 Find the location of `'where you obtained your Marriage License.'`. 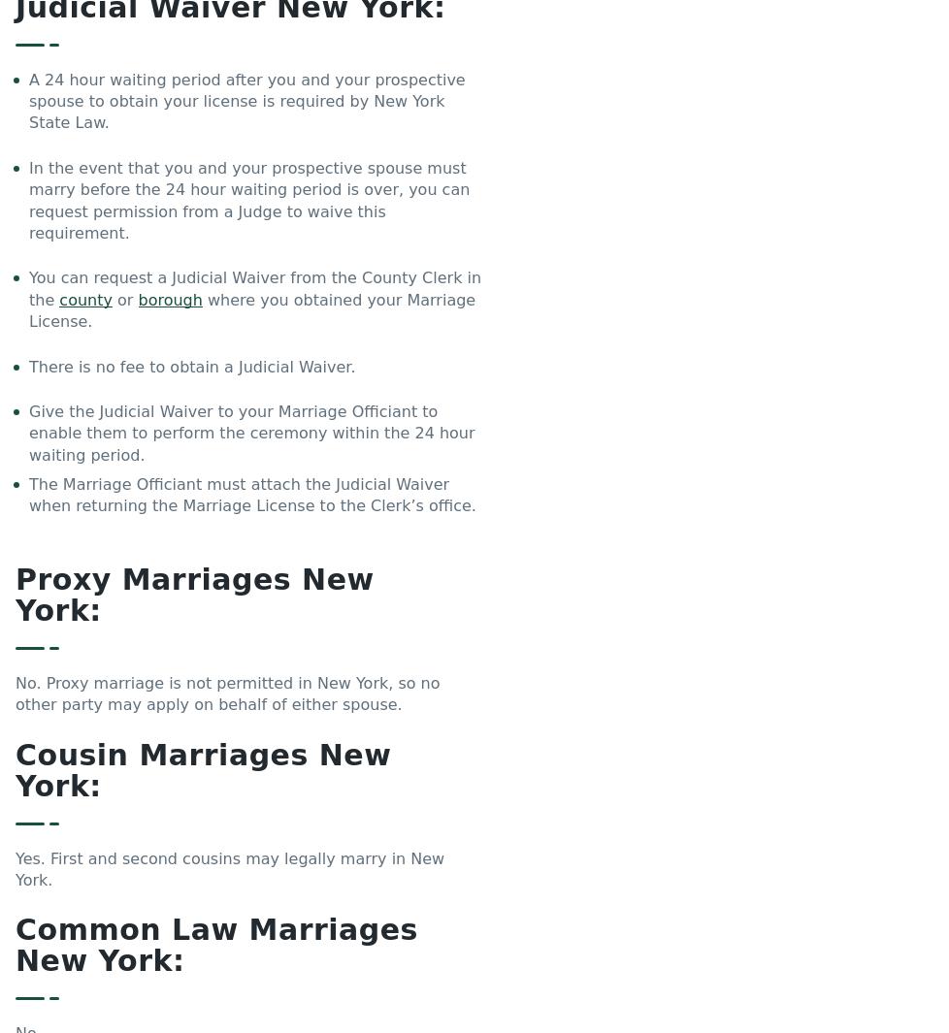

'where you obtained your Marriage License.' is located at coordinates (250, 309).